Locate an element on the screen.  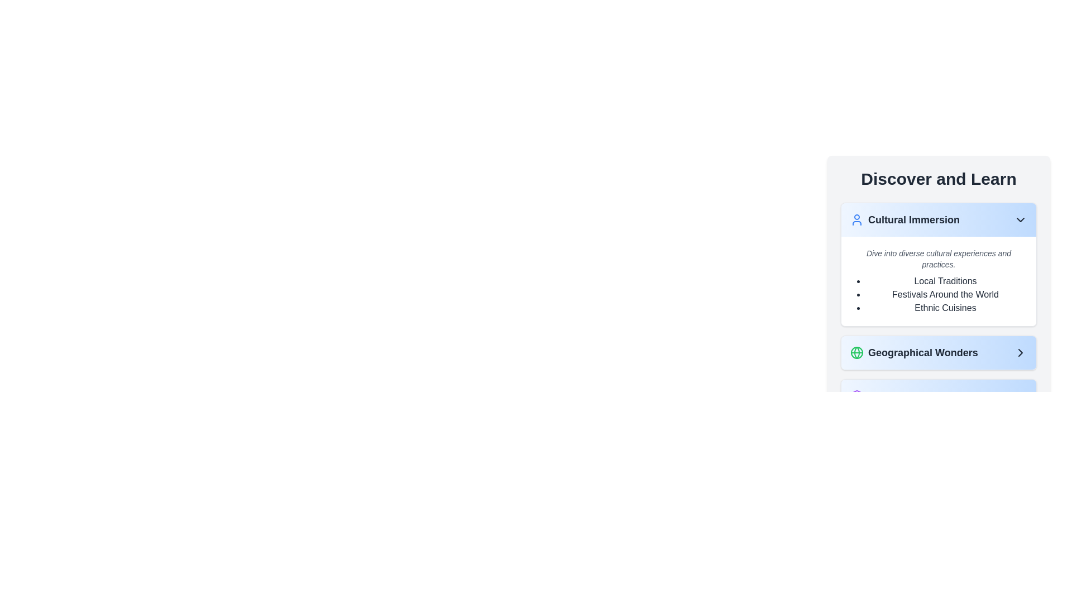
the rightward-pointing chevron icon in the 'Geographical Wonders' section is located at coordinates (1021, 353).